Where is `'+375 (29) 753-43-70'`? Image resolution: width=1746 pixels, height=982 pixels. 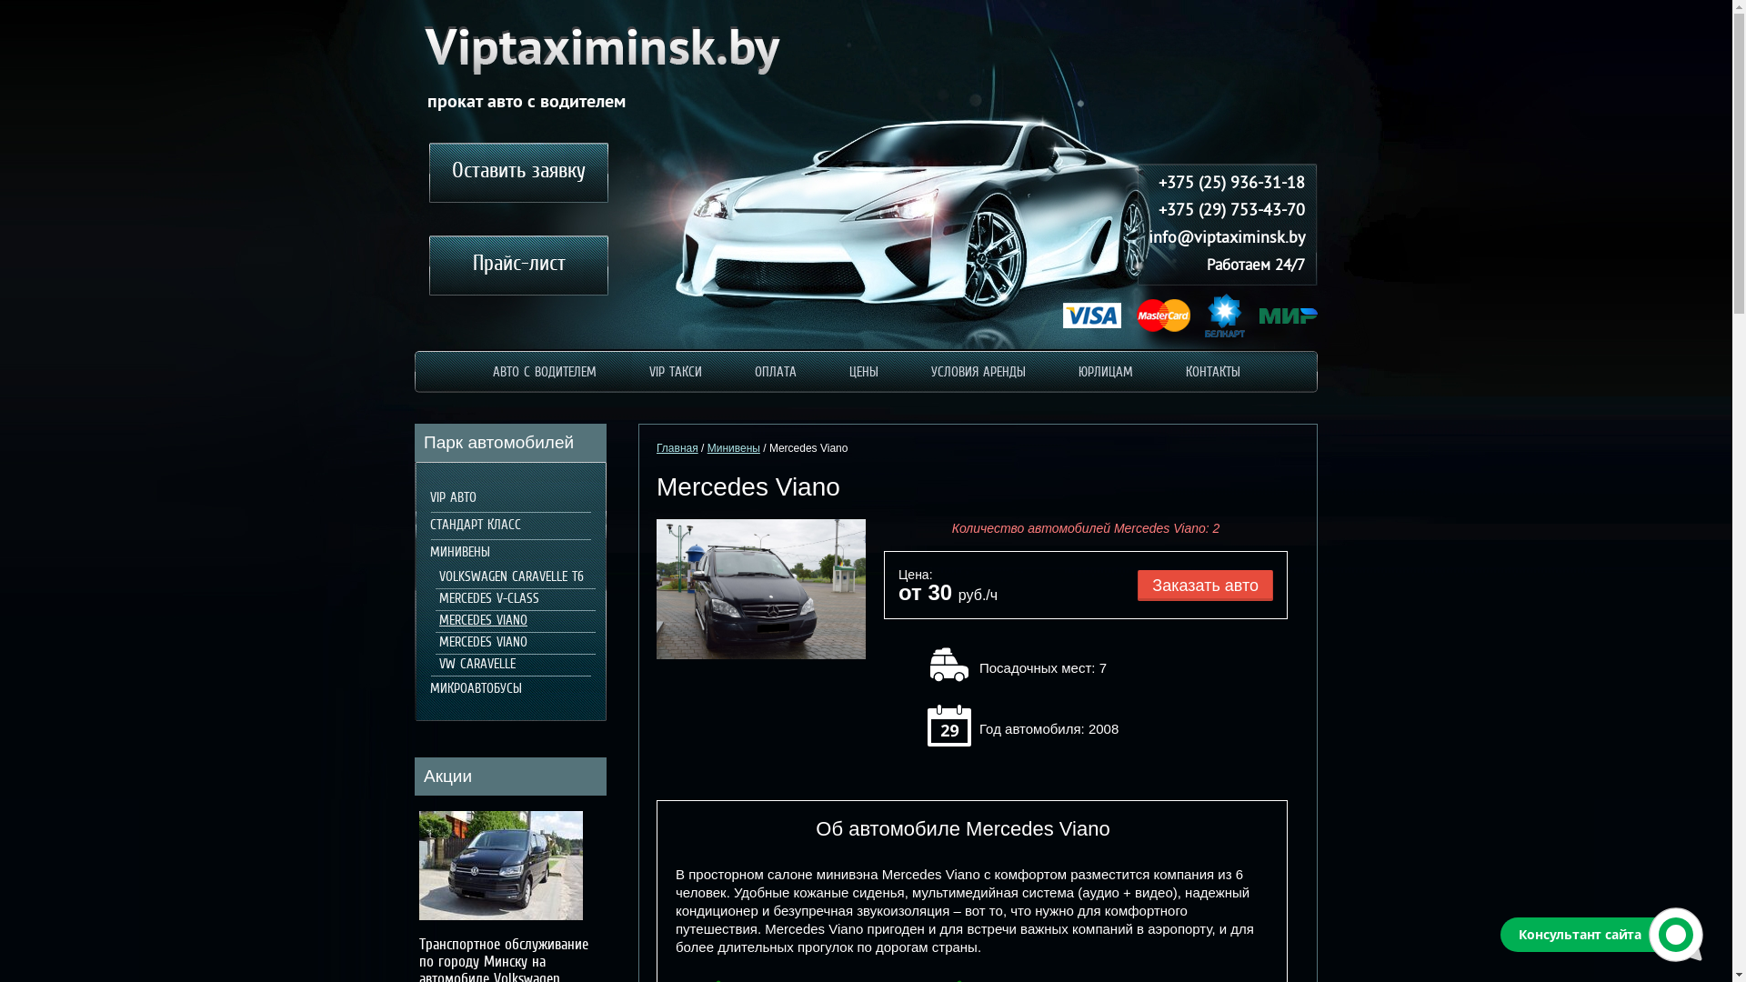 '+375 (29) 753-43-70' is located at coordinates (1221, 210).